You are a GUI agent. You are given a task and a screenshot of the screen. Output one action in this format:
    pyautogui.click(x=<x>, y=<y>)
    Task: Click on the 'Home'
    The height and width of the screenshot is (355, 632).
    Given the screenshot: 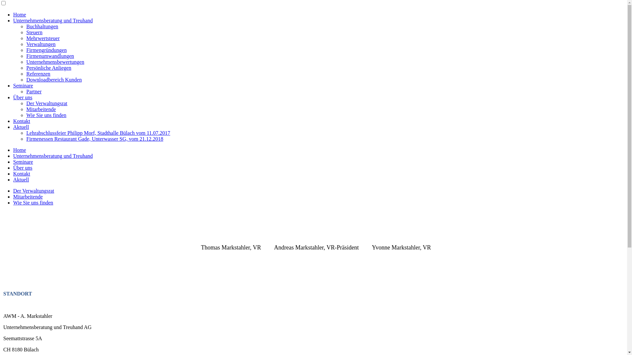 What is the action you would take?
    pyautogui.click(x=19, y=14)
    